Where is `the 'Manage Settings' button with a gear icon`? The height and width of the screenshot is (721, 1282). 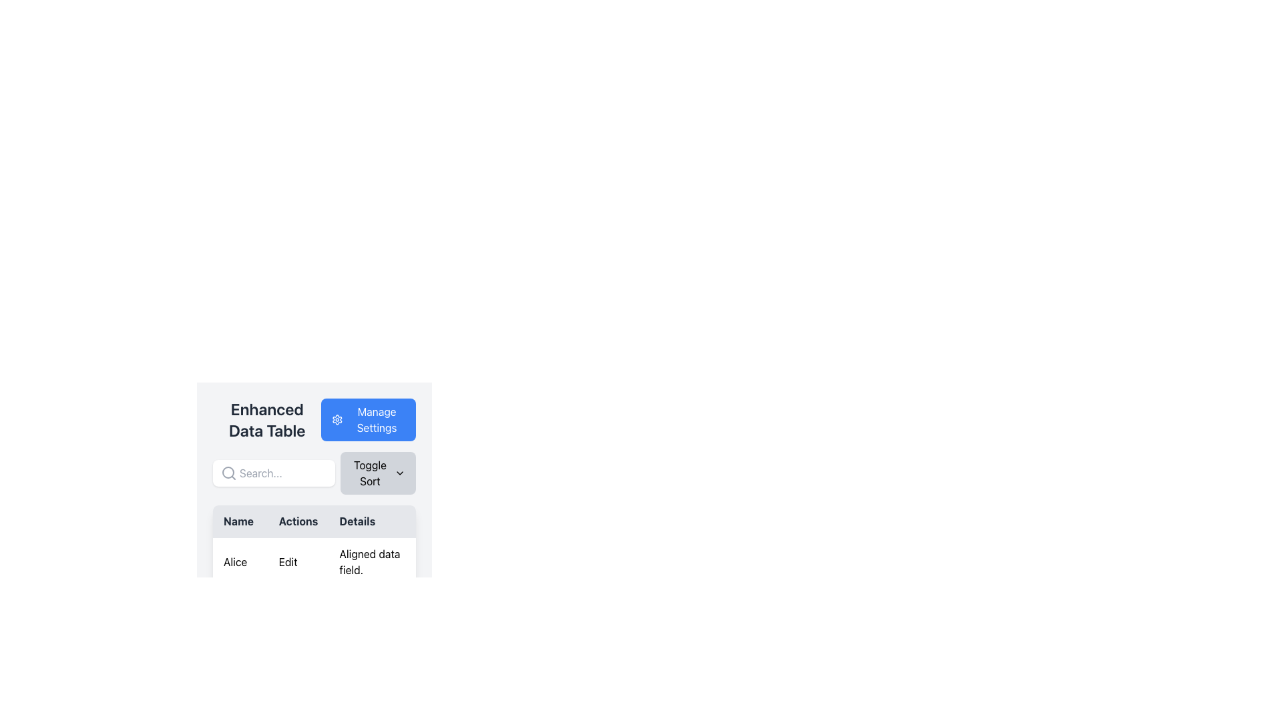
the 'Manage Settings' button with a gear icon is located at coordinates (369, 419).